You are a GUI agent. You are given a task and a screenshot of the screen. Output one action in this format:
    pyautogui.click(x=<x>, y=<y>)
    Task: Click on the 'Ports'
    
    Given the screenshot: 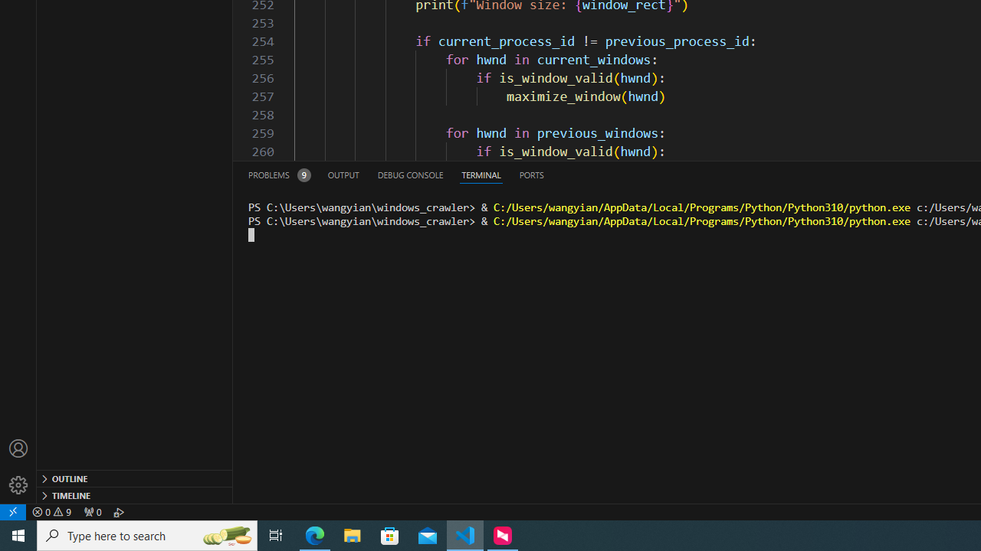 What is the action you would take?
    pyautogui.click(x=531, y=174)
    